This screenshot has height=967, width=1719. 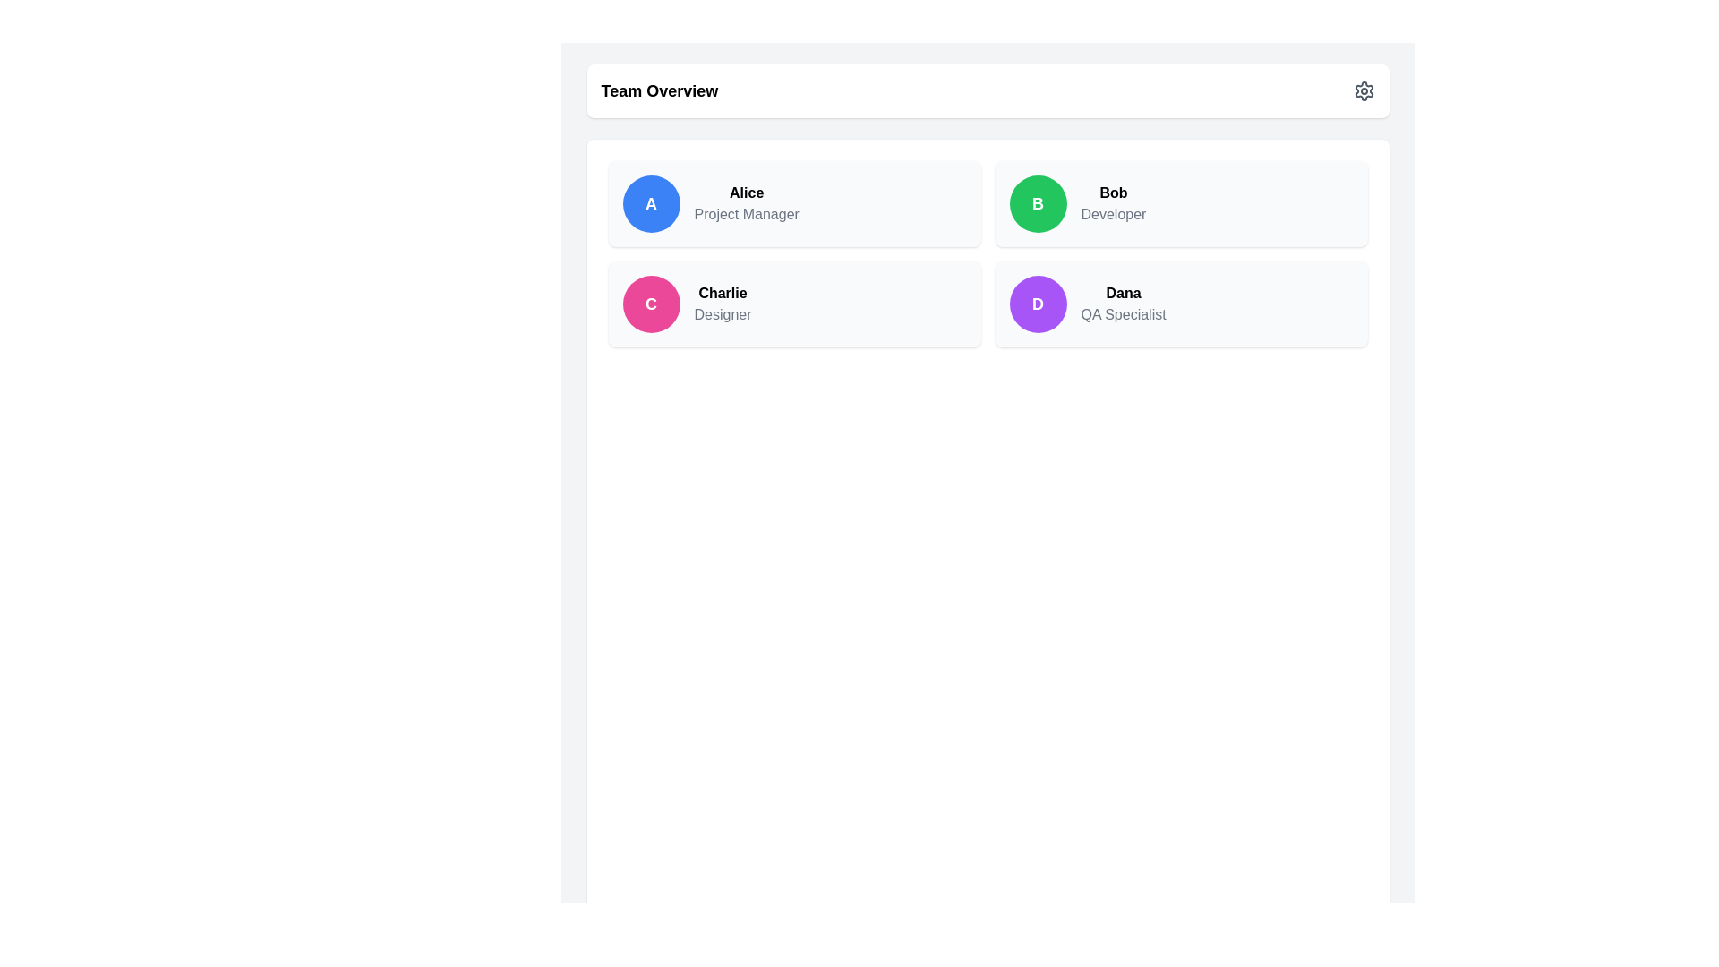 I want to click on the Info card displaying a team member's name and role, positioned in the top-right quadrant of the layout, specifically the second card in the first row, so click(x=1181, y=202).